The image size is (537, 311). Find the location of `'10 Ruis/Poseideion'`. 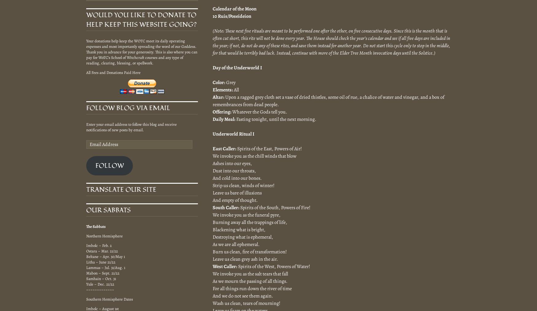

'10 Ruis/Poseideion' is located at coordinates (232, 16).